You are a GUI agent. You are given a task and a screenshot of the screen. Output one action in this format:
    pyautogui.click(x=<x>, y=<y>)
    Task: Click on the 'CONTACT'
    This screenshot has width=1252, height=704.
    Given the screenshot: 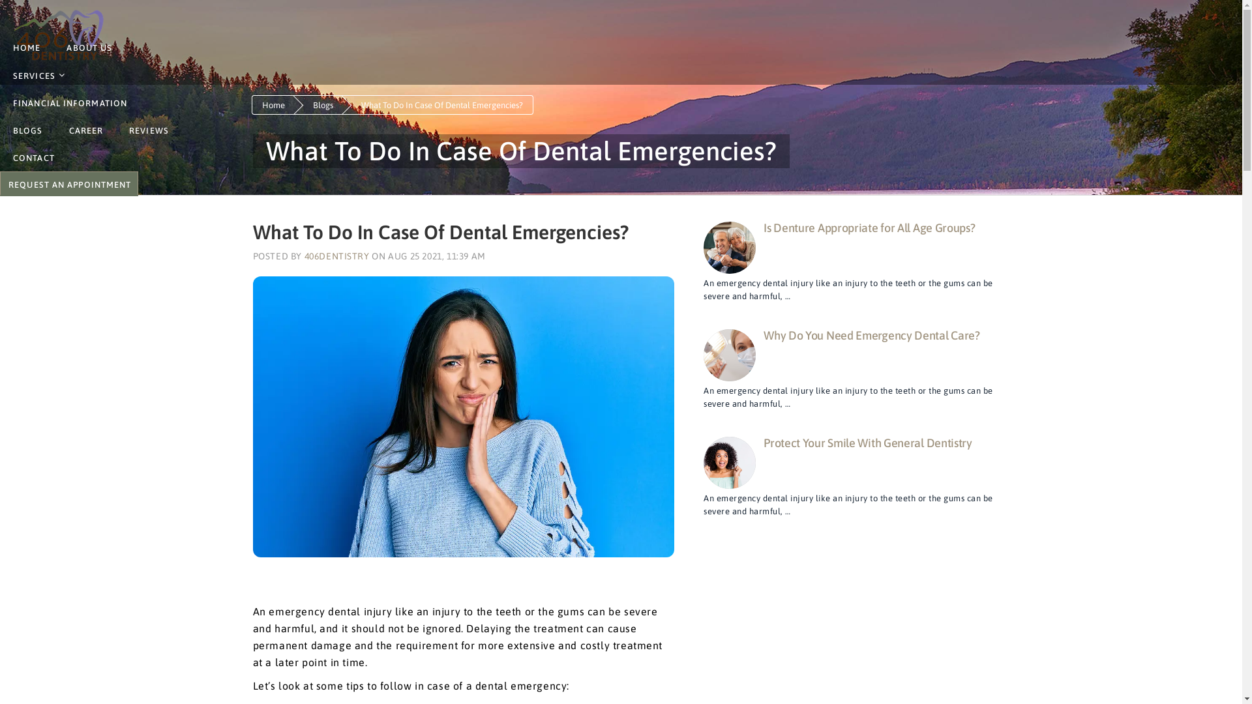 What is the action you would take?
    pyautogui.click(x=34, y=157)
    